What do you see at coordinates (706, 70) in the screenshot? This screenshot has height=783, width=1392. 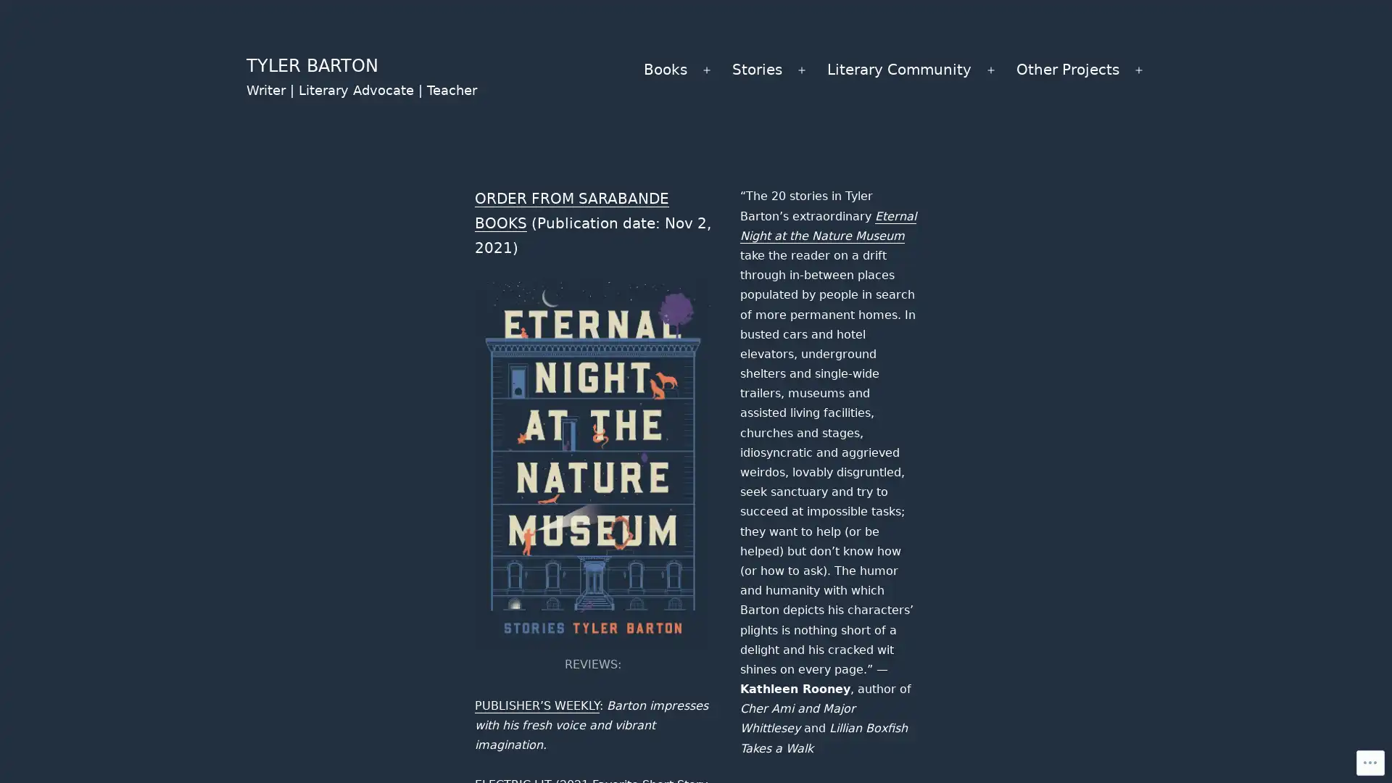 I see `Open menu` at bounding box center [706, 70].